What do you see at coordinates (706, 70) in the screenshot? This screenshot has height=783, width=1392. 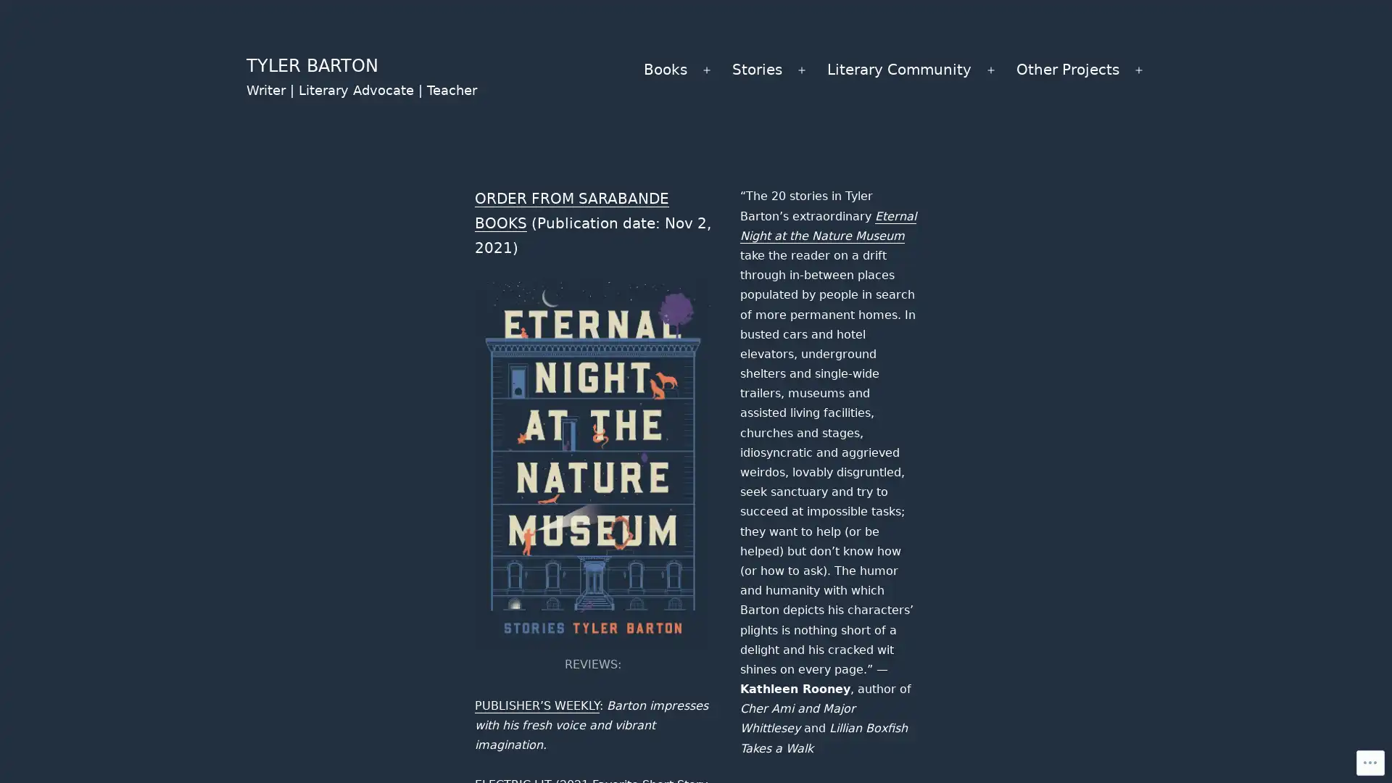 I see `Open menu` at bounding box center [706, 70].